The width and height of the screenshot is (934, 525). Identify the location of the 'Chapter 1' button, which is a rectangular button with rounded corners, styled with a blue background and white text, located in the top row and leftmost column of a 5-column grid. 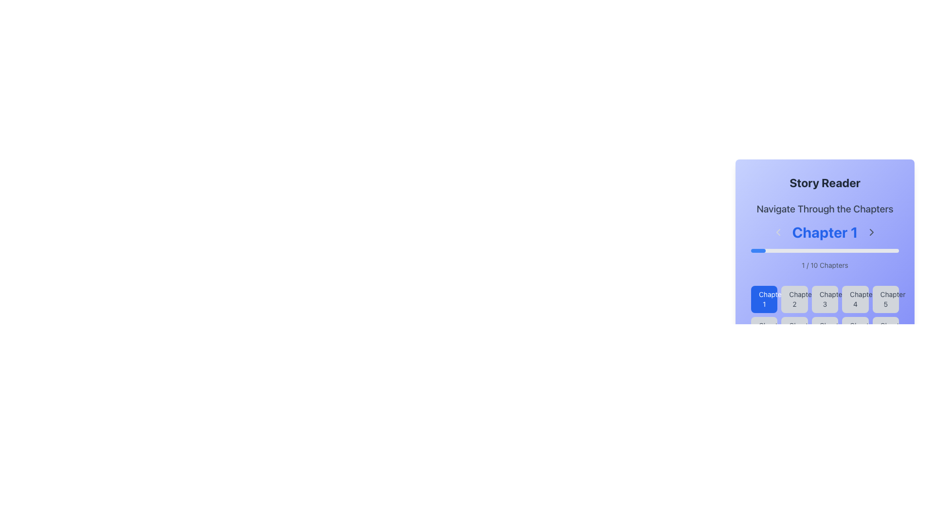
(764, 299).